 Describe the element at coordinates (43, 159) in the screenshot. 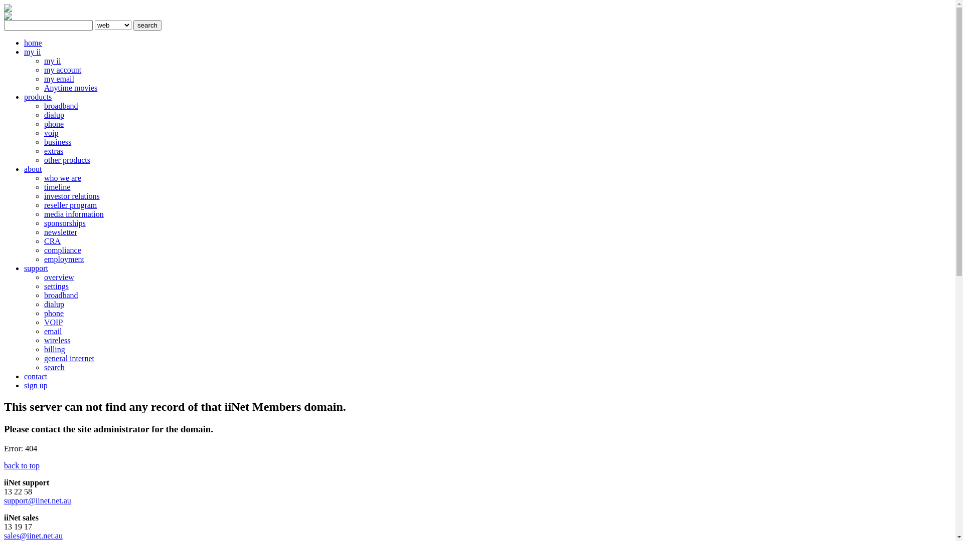

I see `'other products'` at that location.